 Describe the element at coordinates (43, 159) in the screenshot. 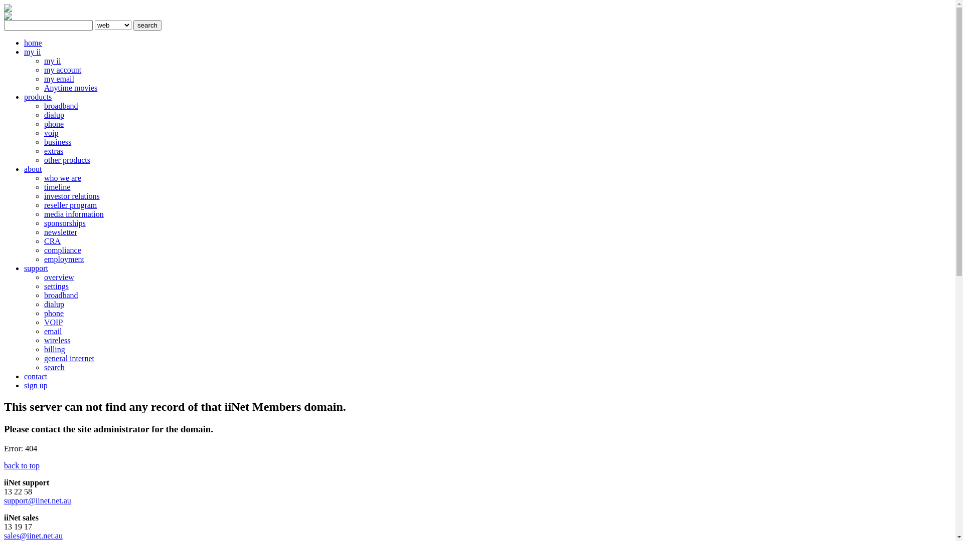

I see `'other products'` at that location.